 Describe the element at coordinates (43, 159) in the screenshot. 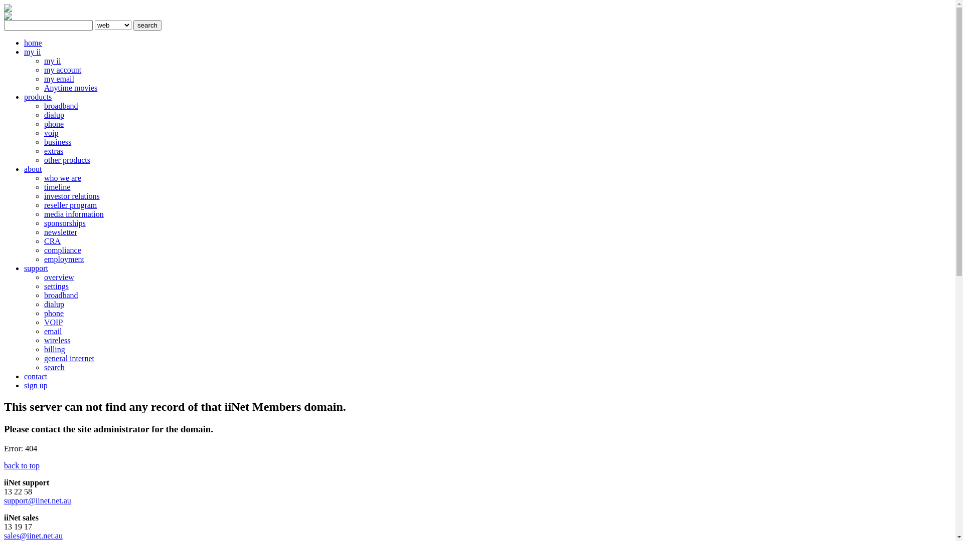

I see `'other products'` at that location.